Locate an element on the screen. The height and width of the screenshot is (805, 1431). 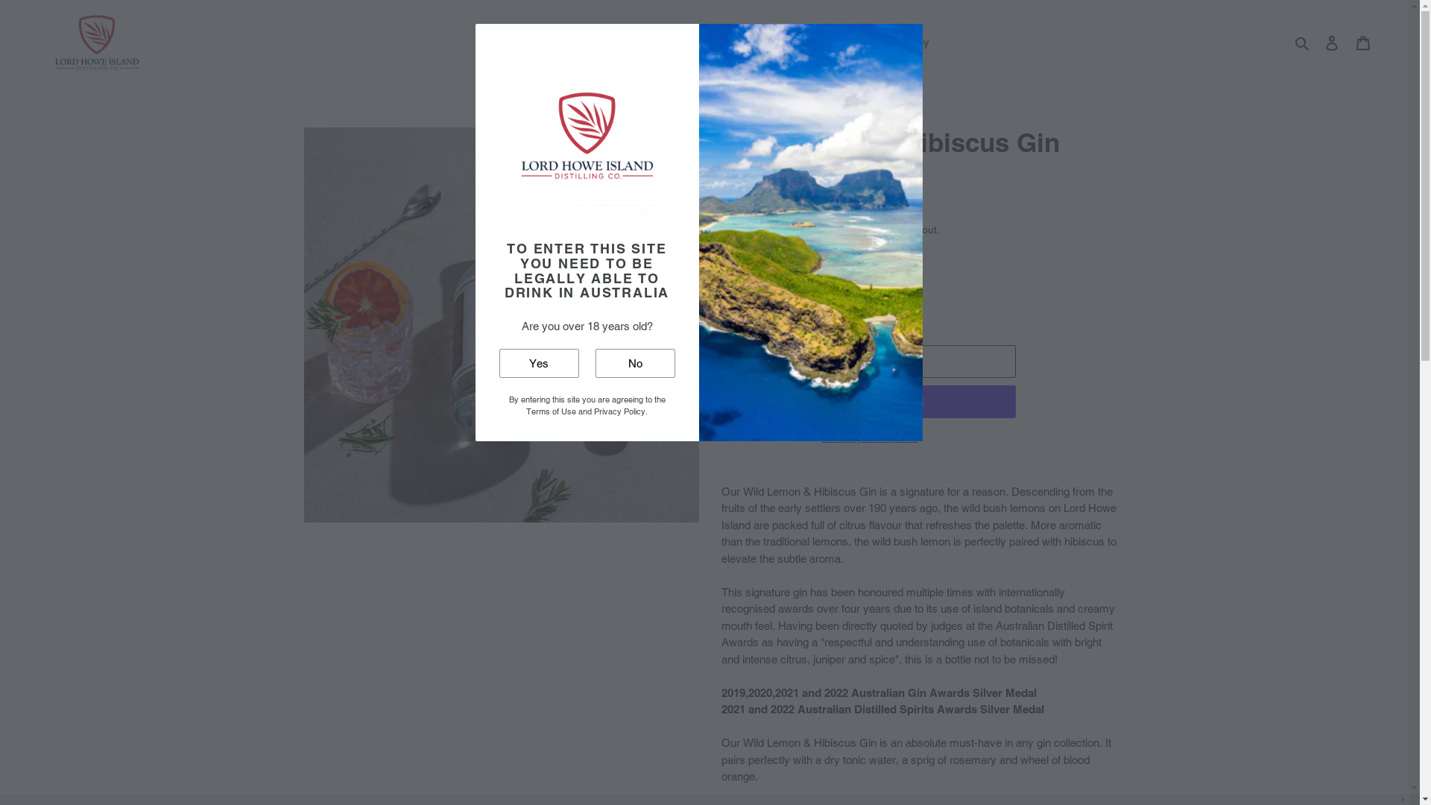
'Yes' is located at coordinates (538, 363).